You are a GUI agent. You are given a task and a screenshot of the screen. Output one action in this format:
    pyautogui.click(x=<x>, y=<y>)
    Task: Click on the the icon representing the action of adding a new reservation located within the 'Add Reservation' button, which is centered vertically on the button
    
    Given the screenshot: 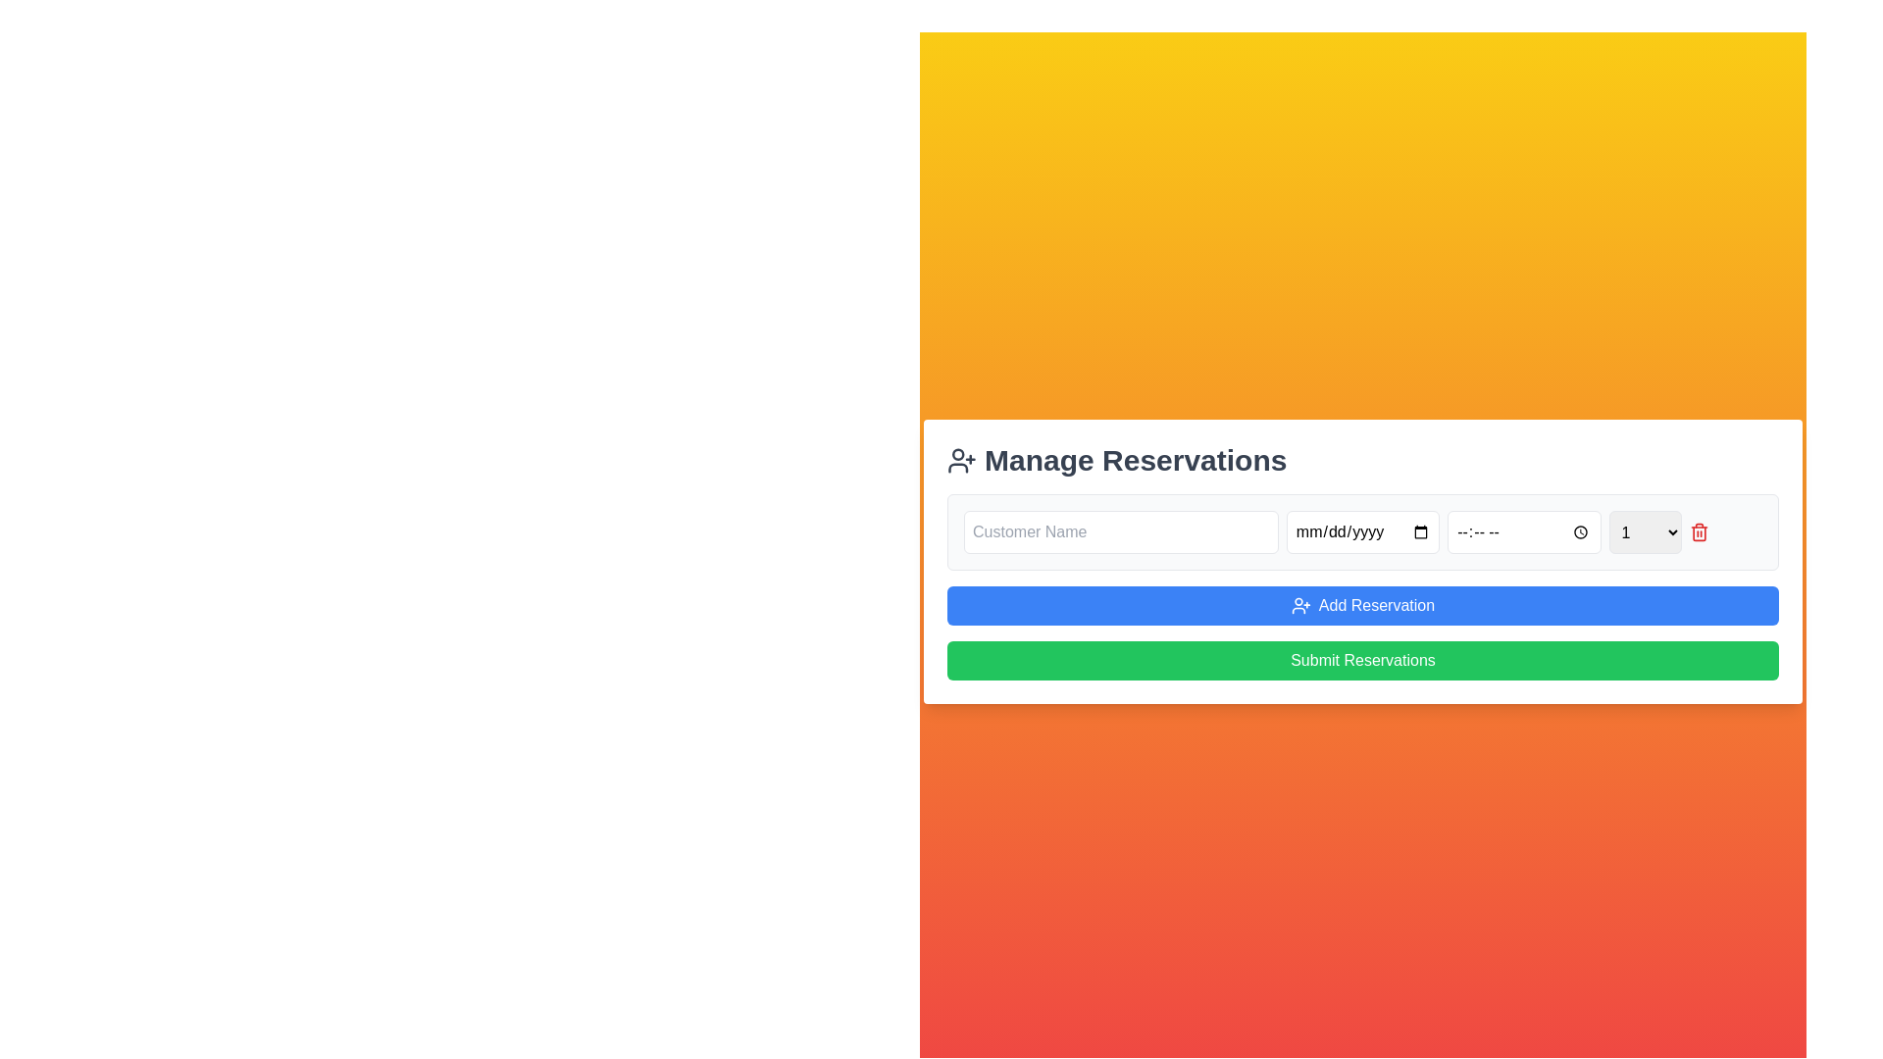 What is the action you would take?
    pyautogui.click(x=1300, y=604)
    